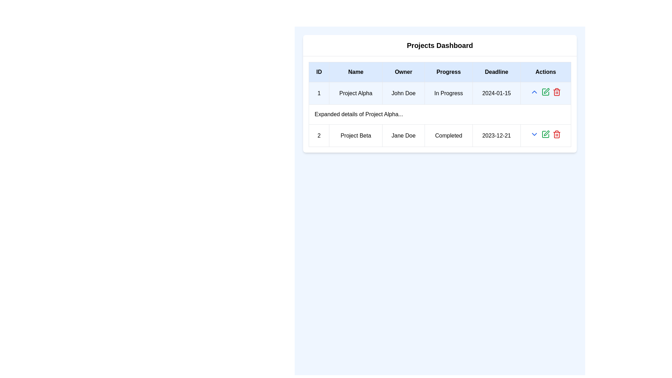 This screenshot has width=672, height=378. I want to click on the 'Edit' or 'Modify' button icon located in the 'Actions' column of the second row of the table to invoke the associated action, so click(546, 133).